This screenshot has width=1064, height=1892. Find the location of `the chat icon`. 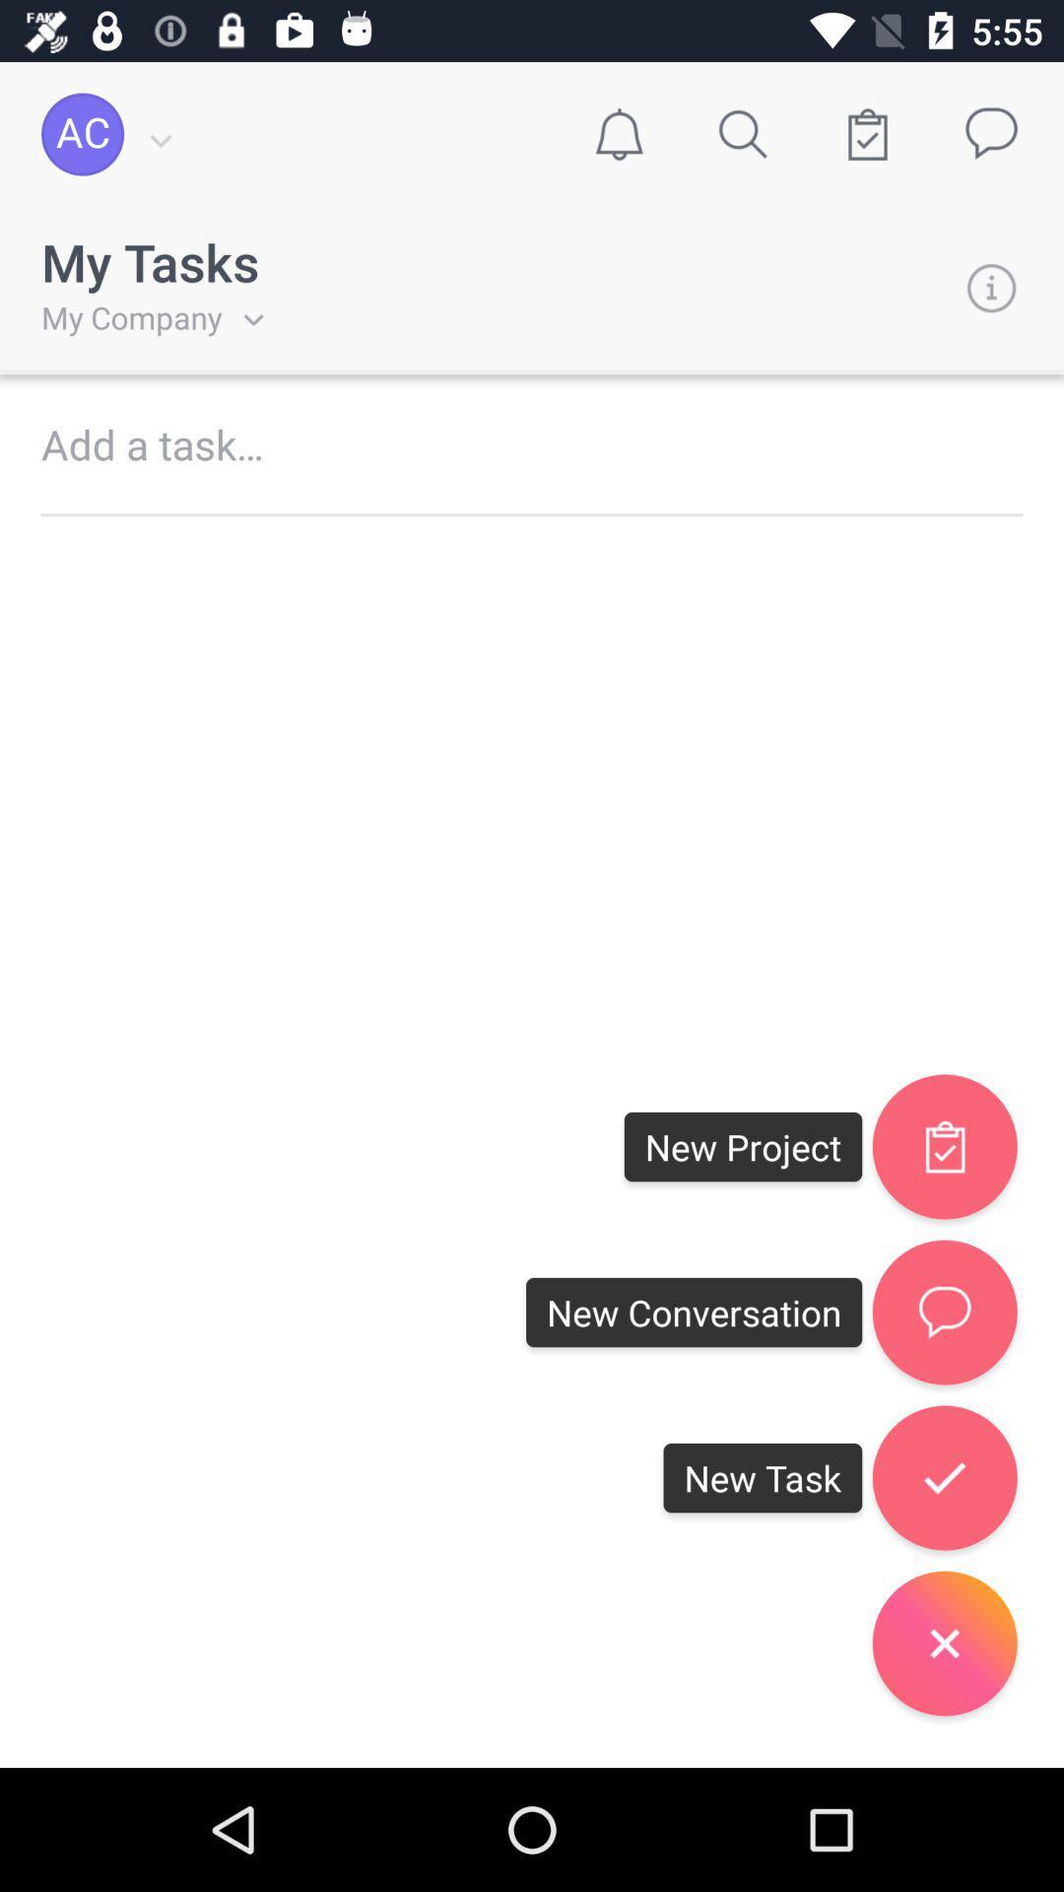

the chat icon is located at coordinates (944, 1313).